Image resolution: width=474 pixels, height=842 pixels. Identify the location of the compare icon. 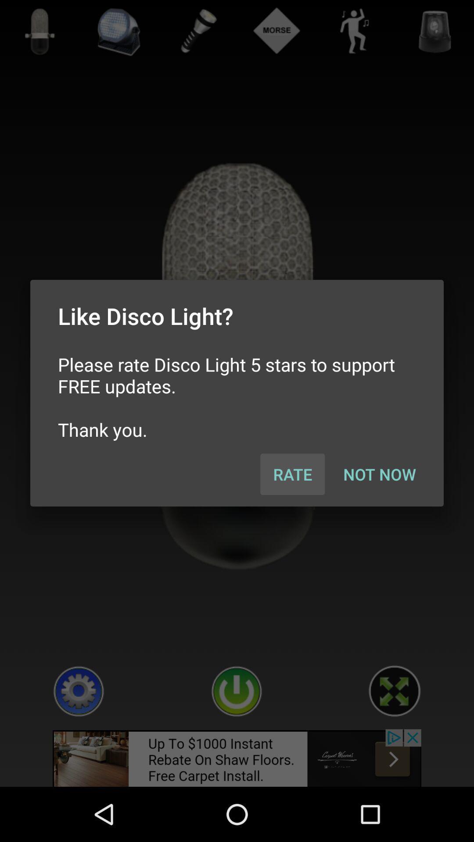
(276, 31).